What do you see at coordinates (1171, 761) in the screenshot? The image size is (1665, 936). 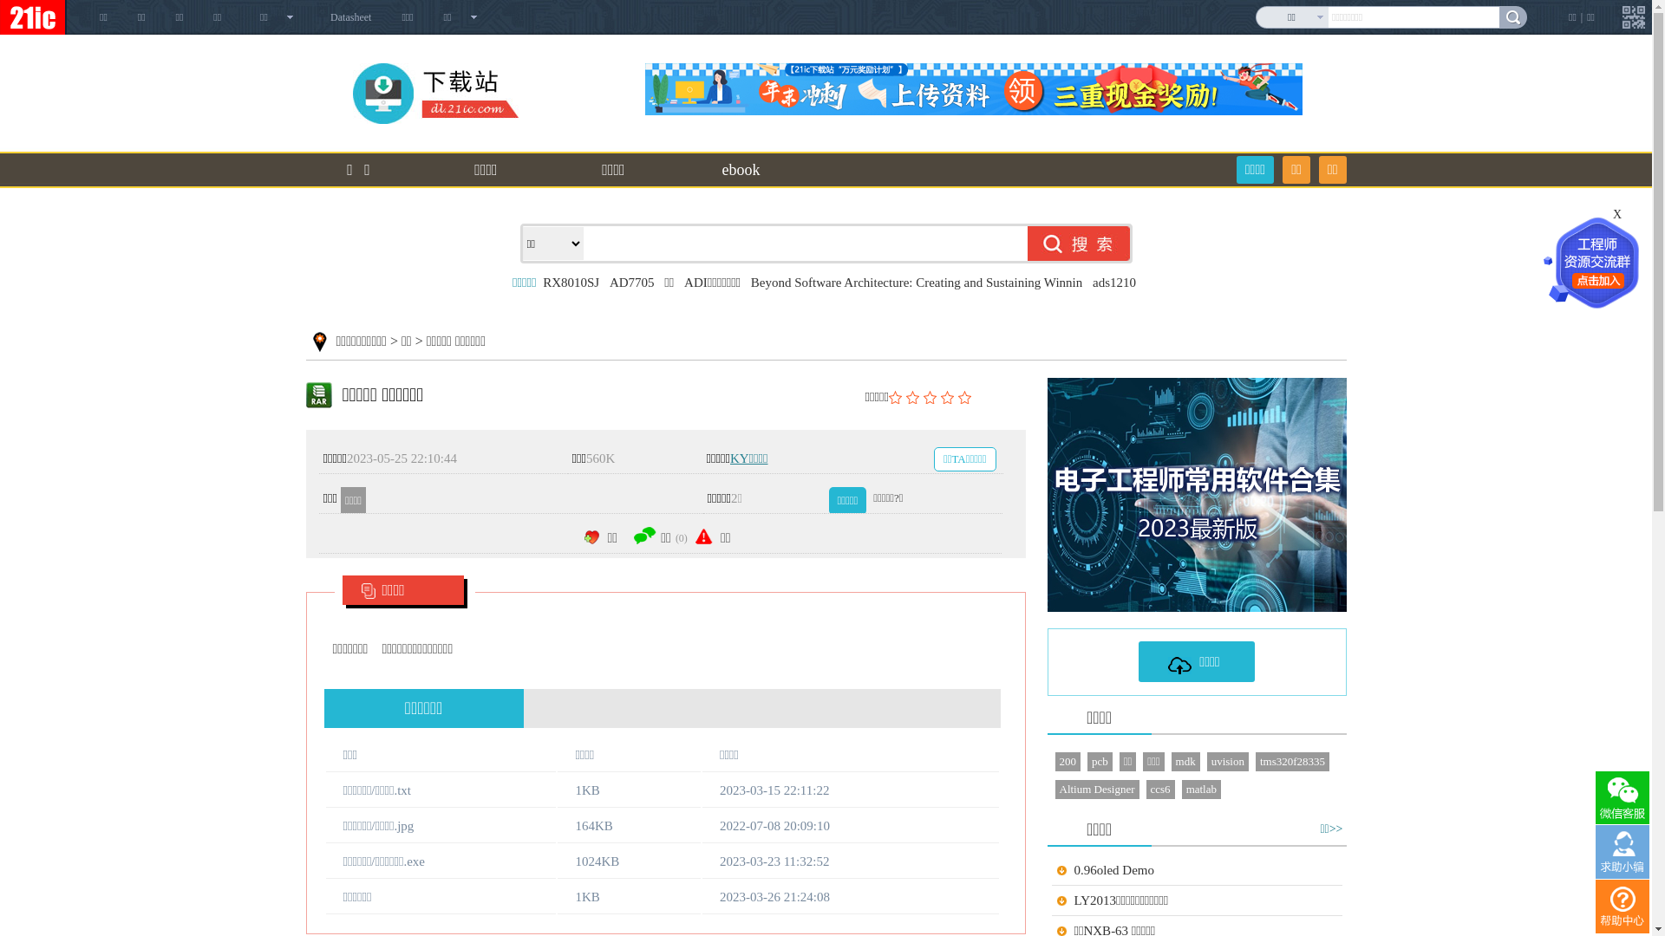 I see `'mdk'` at bounding box center [1171, 761].